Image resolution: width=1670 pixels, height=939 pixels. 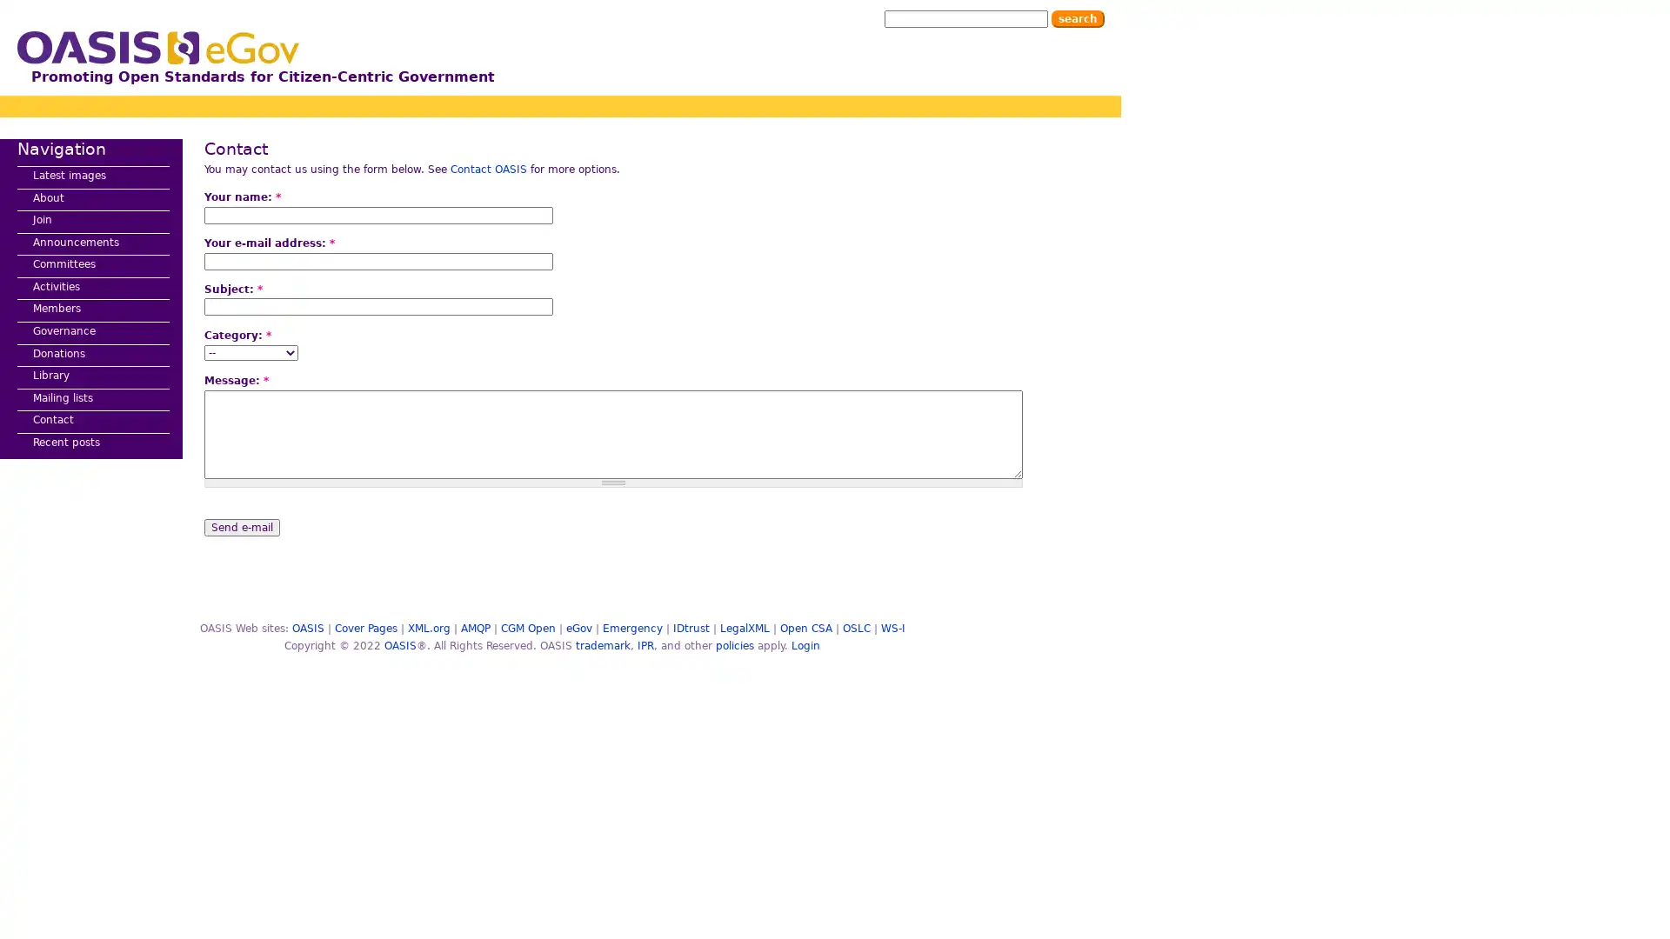 I want to click on Send e-mail, so click(x=241, y=525).